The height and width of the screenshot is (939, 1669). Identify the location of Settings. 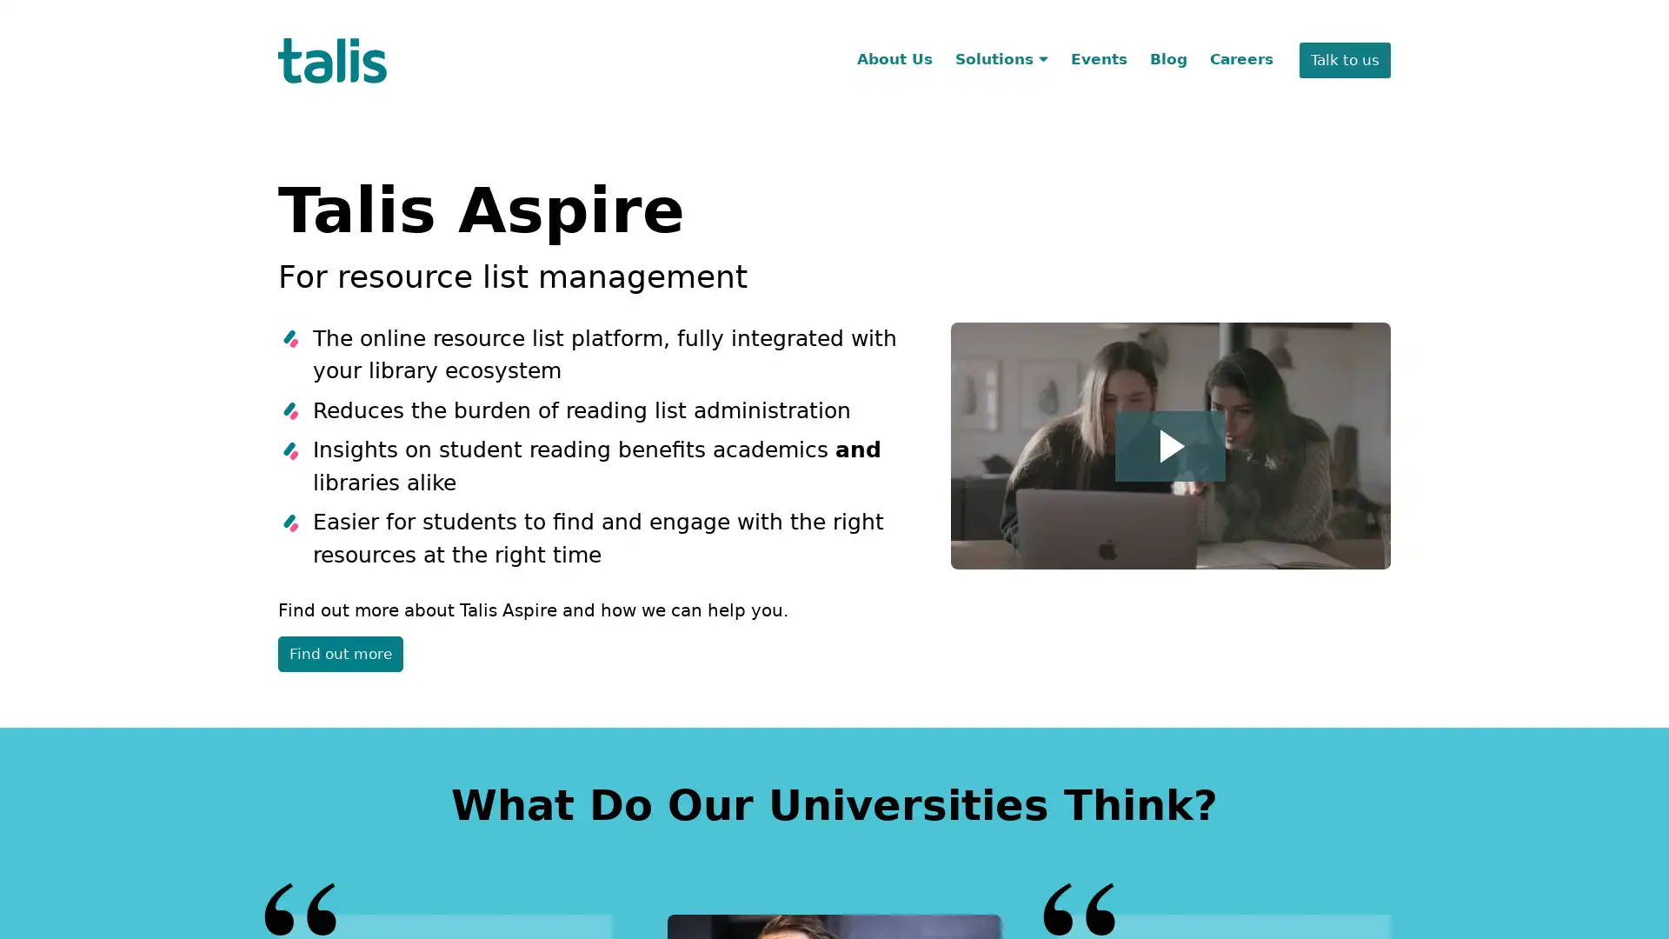
(1387, 32).